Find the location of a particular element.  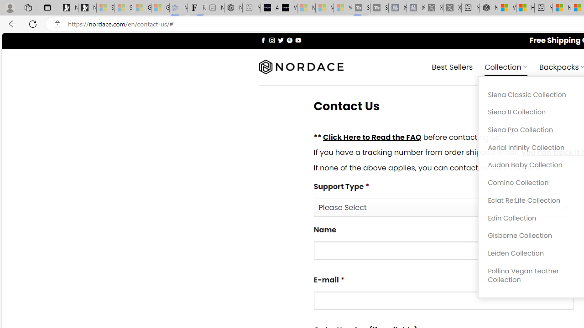

'  Best Sellers' is located at coordinates (452, 66).